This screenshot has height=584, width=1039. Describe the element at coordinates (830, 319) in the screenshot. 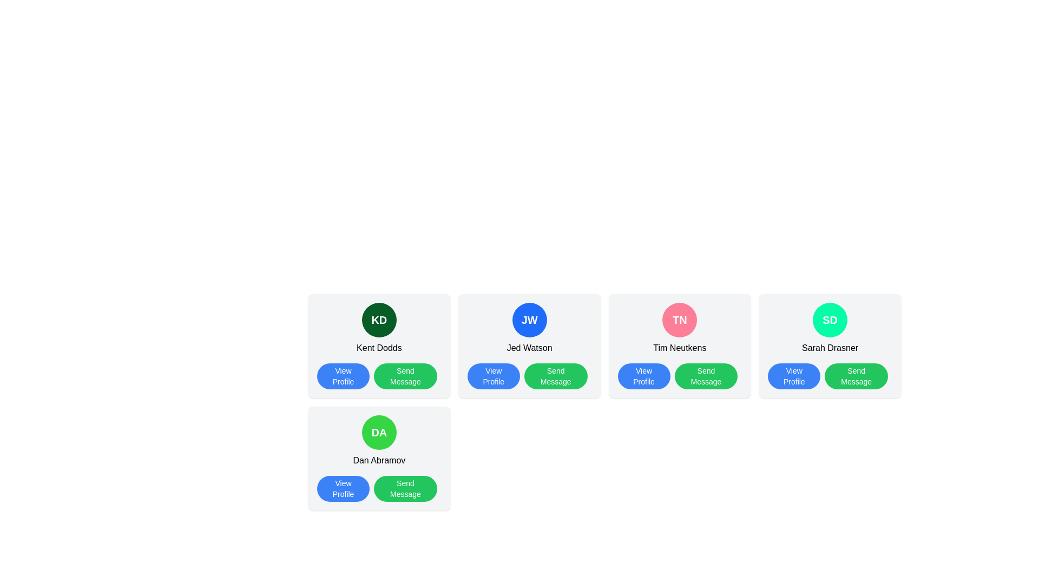

I see `the text element with initials 'SD' that is styled in bold white font within a teal circular background, located in the top right of the profile card` at that location.